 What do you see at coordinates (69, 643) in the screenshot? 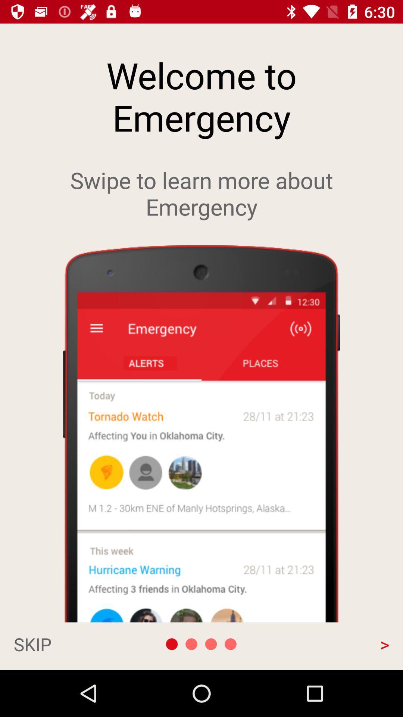
I see `icon at the bottom left corner` at bounding box center [69, 643].